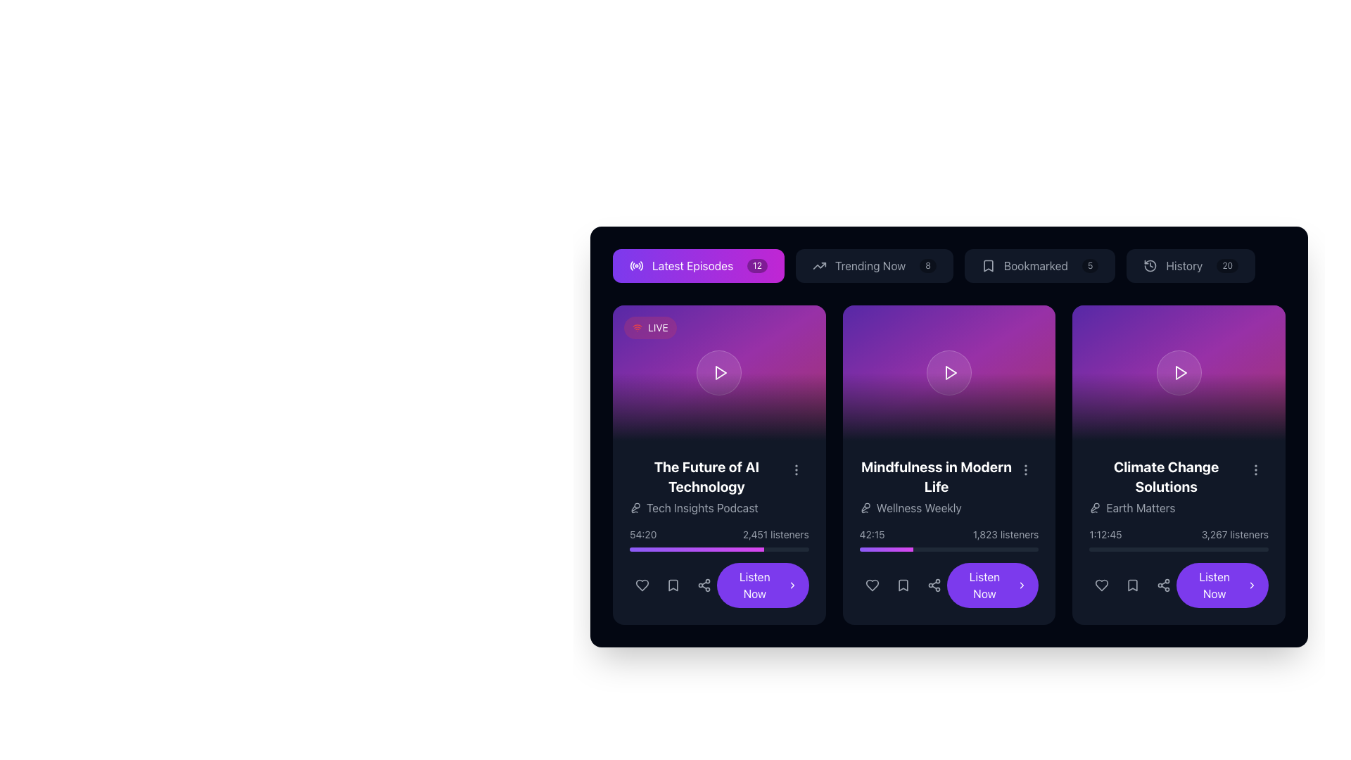 Image resolution: width=1351 pixels, height=760 pixels. I want to click on the 'Trending Now' navigation button, which features a count badge indicating '8', so click(949, 266).